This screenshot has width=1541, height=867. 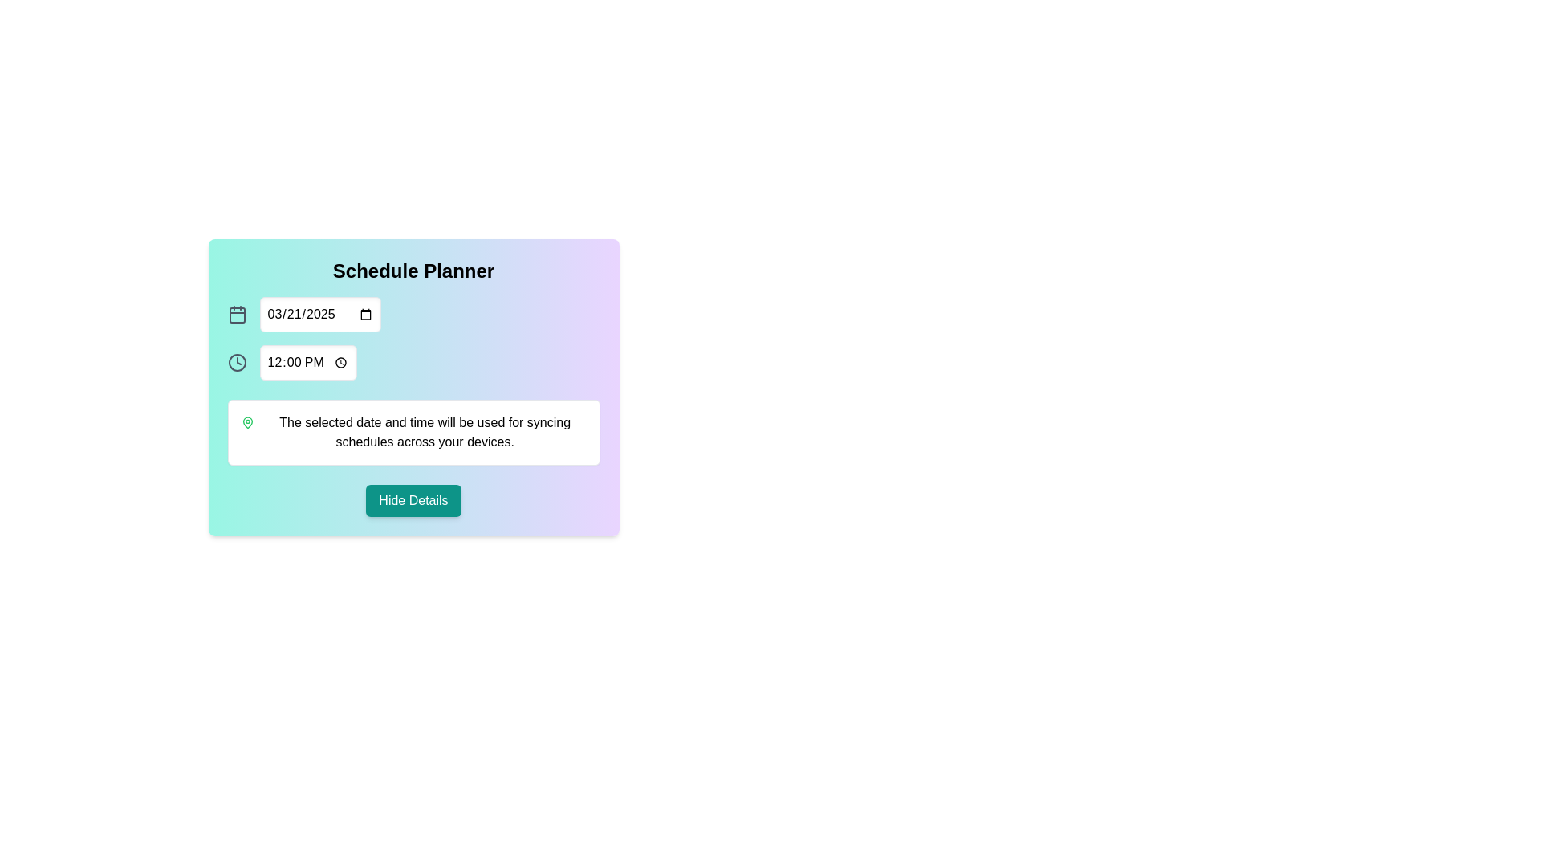 I want to click on the internal part of the calendar icon, which enhances the clarity of its purpose as a date-related graphic within the schedule planner interface, so click(x=236, y=315).